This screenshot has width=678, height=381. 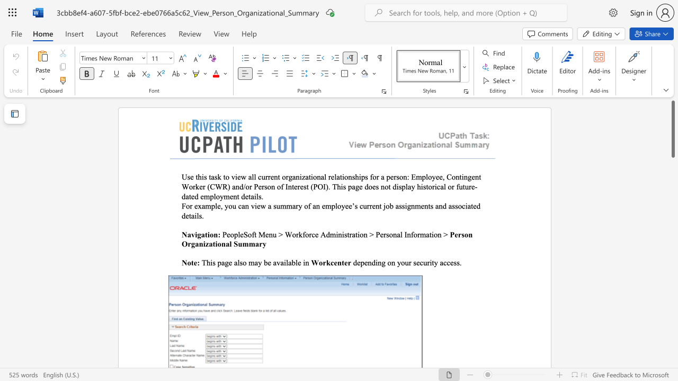 I want to click on the 1th character "b" in the text, so click(x=265, y=262).